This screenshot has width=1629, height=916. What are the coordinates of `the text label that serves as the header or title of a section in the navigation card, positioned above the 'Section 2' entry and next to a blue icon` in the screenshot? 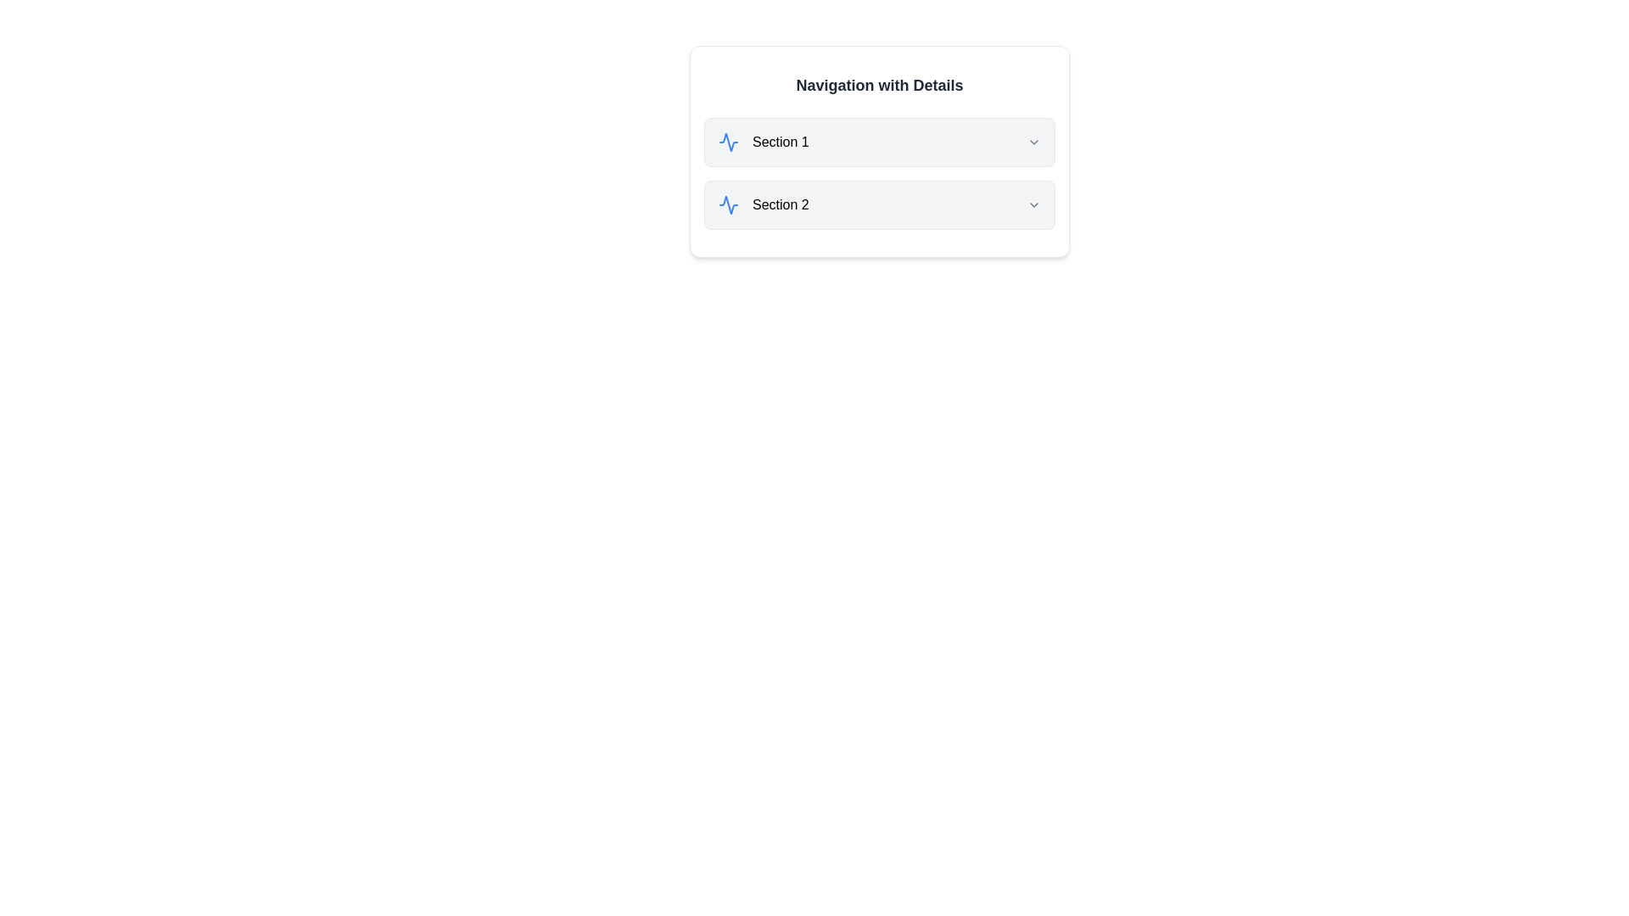 It's located at (780, 142).